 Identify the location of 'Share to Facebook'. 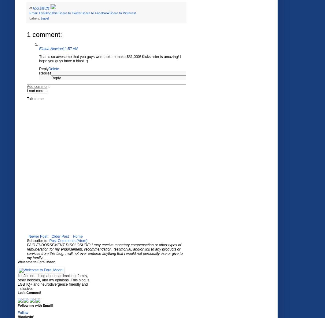
(95, 13).